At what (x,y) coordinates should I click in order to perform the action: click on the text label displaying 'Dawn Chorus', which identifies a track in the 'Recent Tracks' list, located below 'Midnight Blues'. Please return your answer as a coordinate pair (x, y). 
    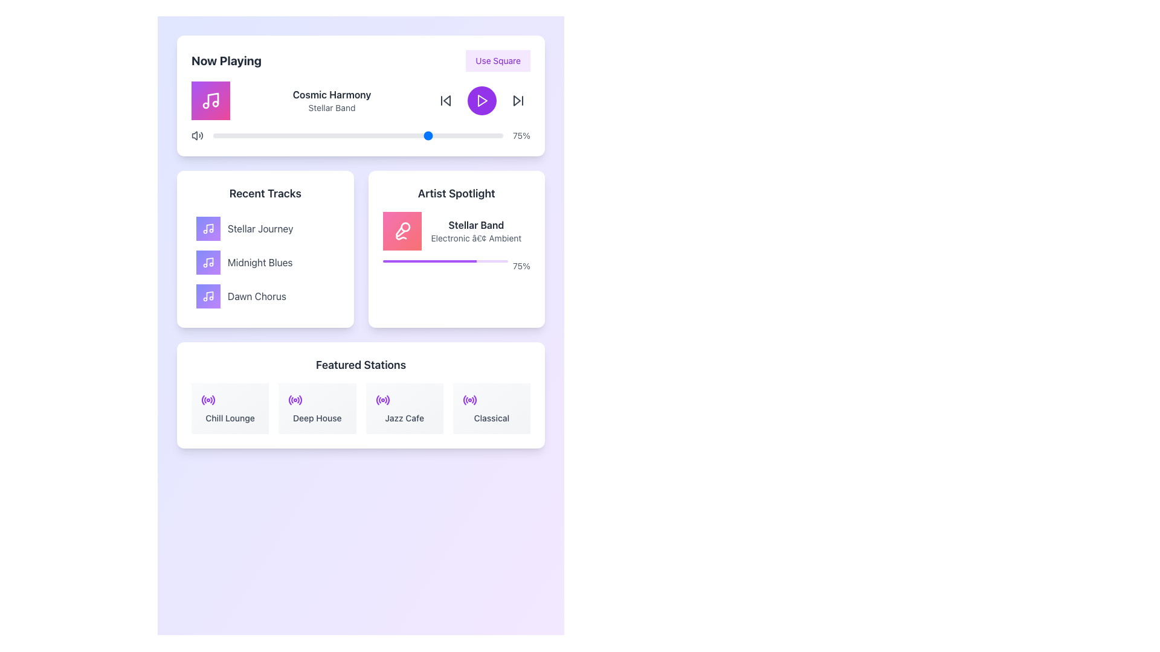
    Looking at the image, I should click on (256, 296).